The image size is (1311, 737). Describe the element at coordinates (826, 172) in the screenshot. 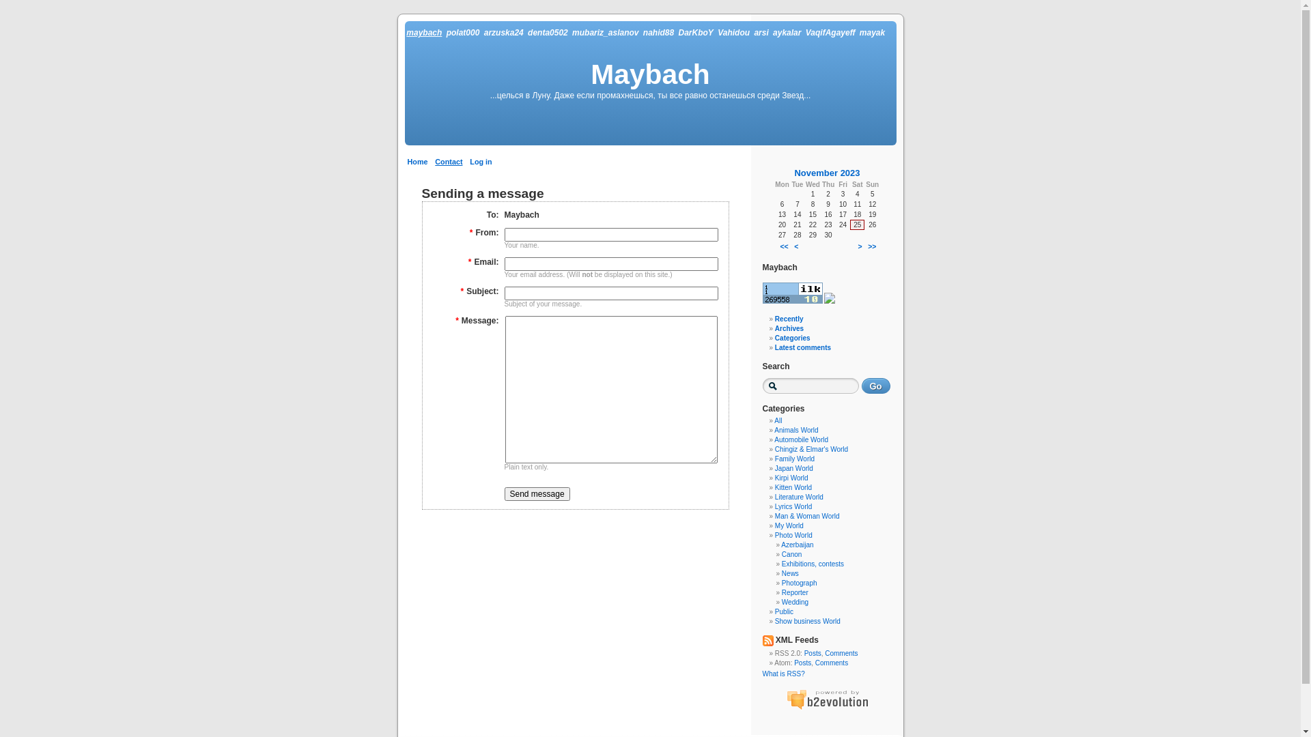

I see `'November 2023'` at that location.